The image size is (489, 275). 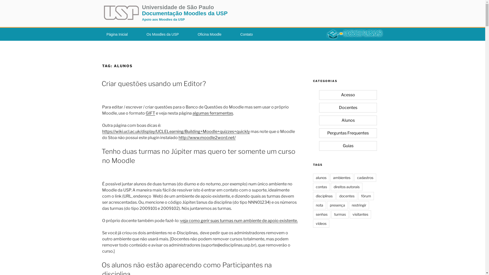 What do you see at coordinates (213, 113) in the screenshot?
I see `'algumas ferramentas'` at bounding box center [213, 113].